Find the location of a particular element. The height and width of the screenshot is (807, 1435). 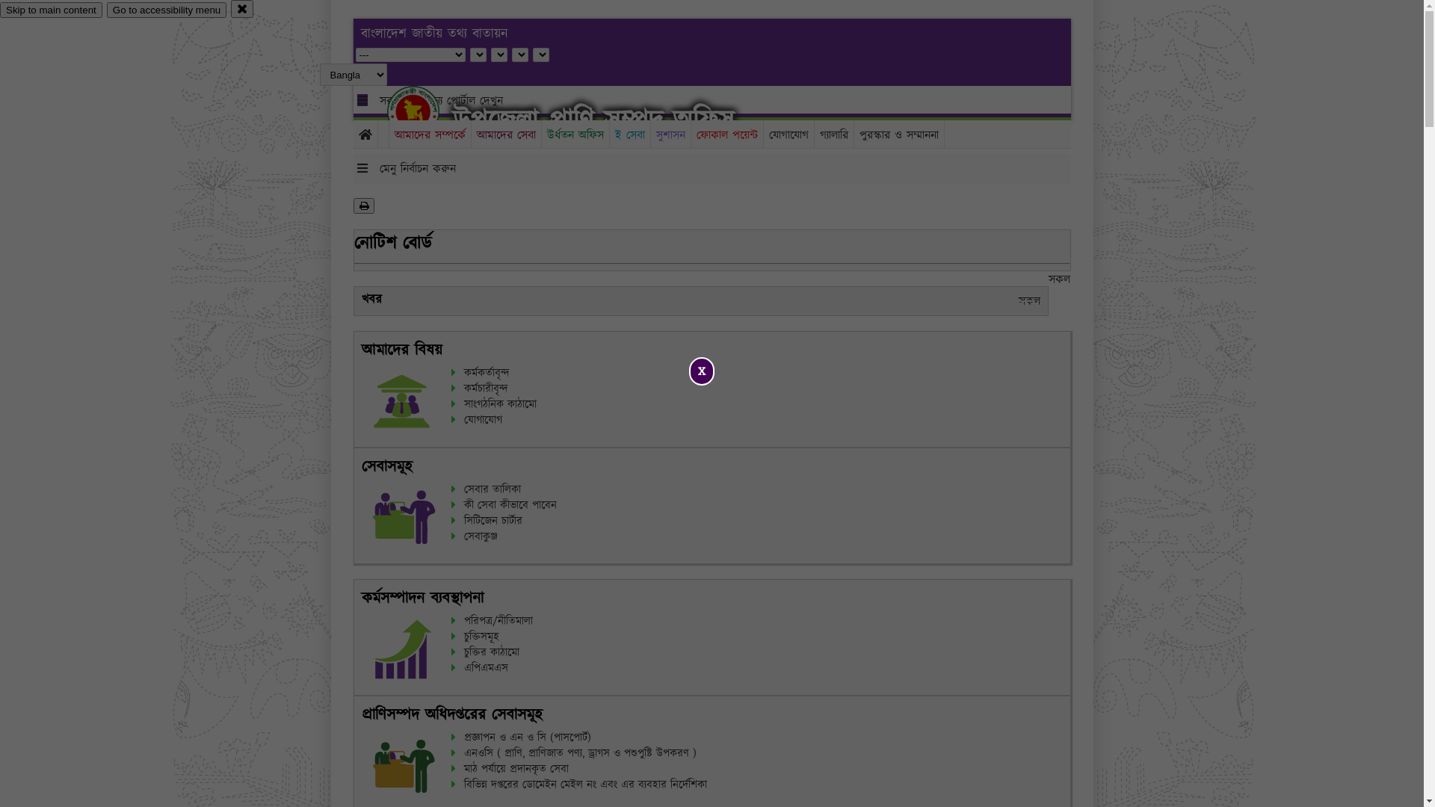

'Skip to main content' is located at coordinates (51, 10).